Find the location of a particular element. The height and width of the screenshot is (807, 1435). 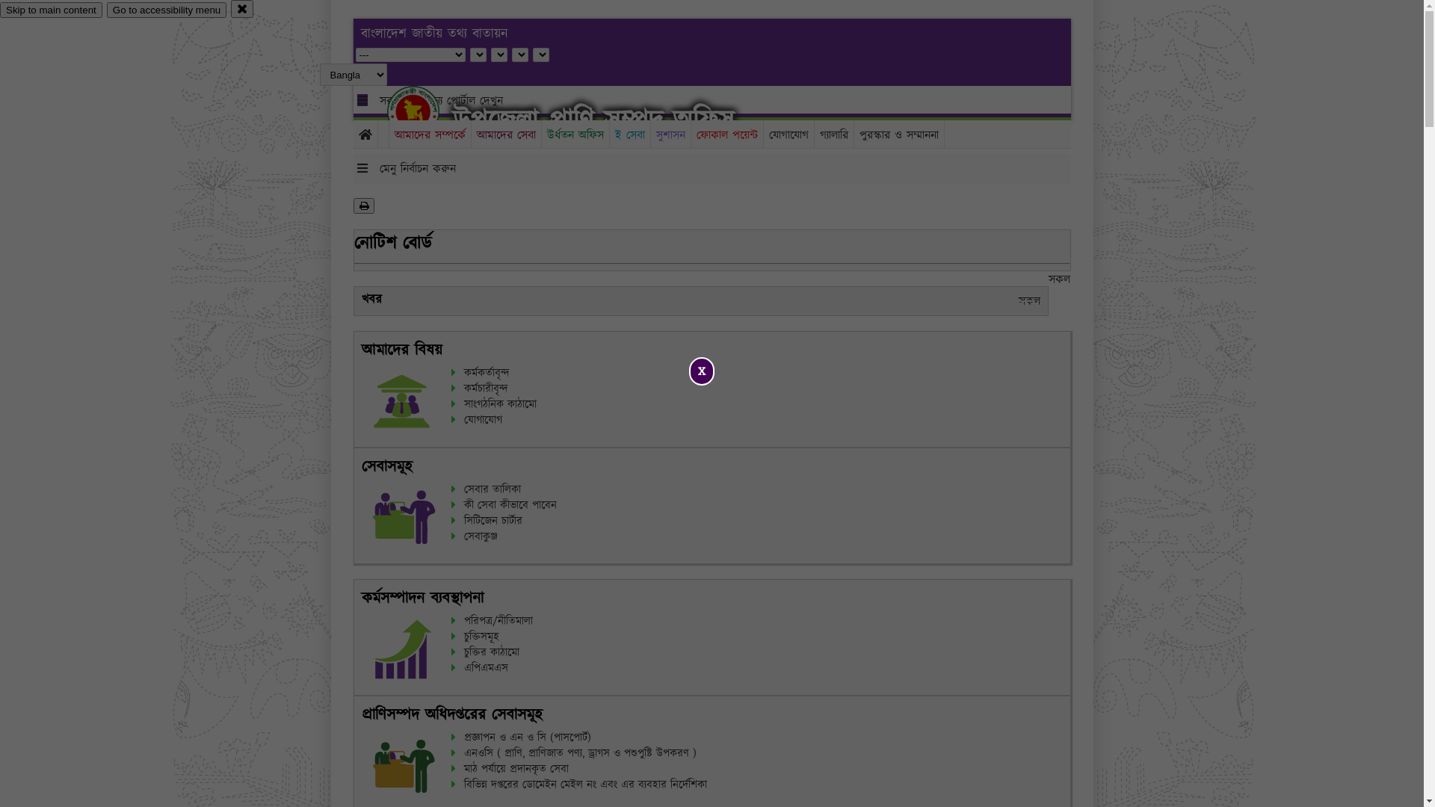

'Skip to main content' is located at coordinates (51, 10).